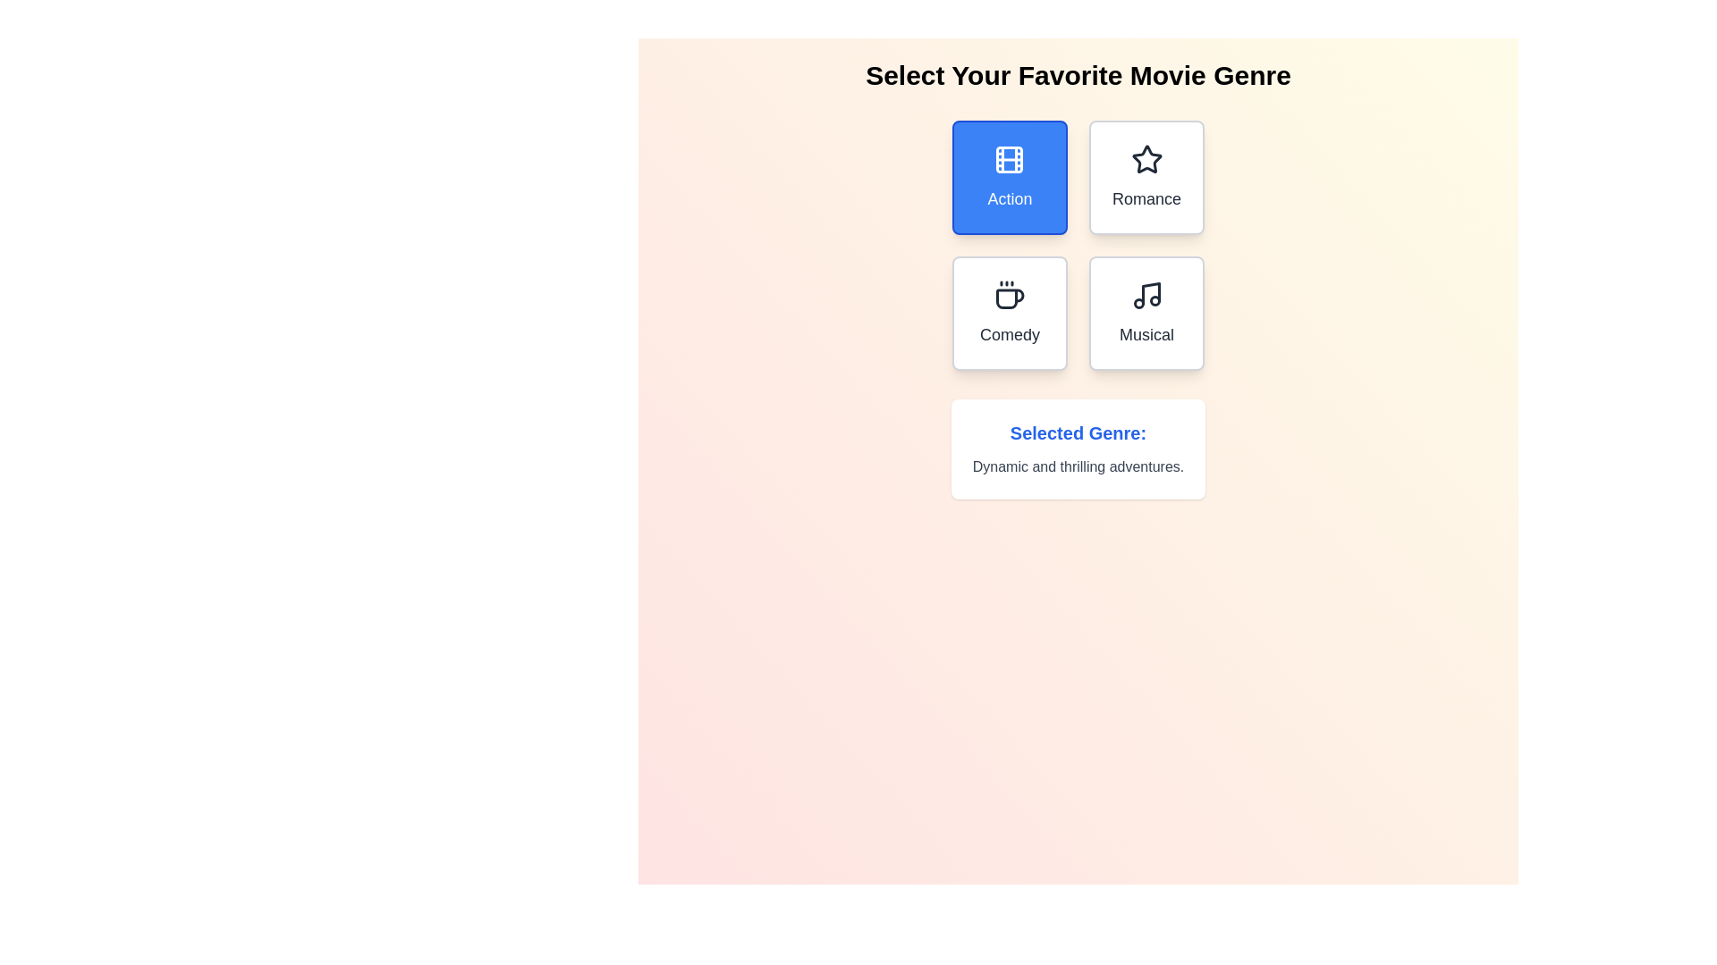  Describe the element at coordinates (1146, 313) in the screenshot. I see `the genre button labeled Musical` at that location.